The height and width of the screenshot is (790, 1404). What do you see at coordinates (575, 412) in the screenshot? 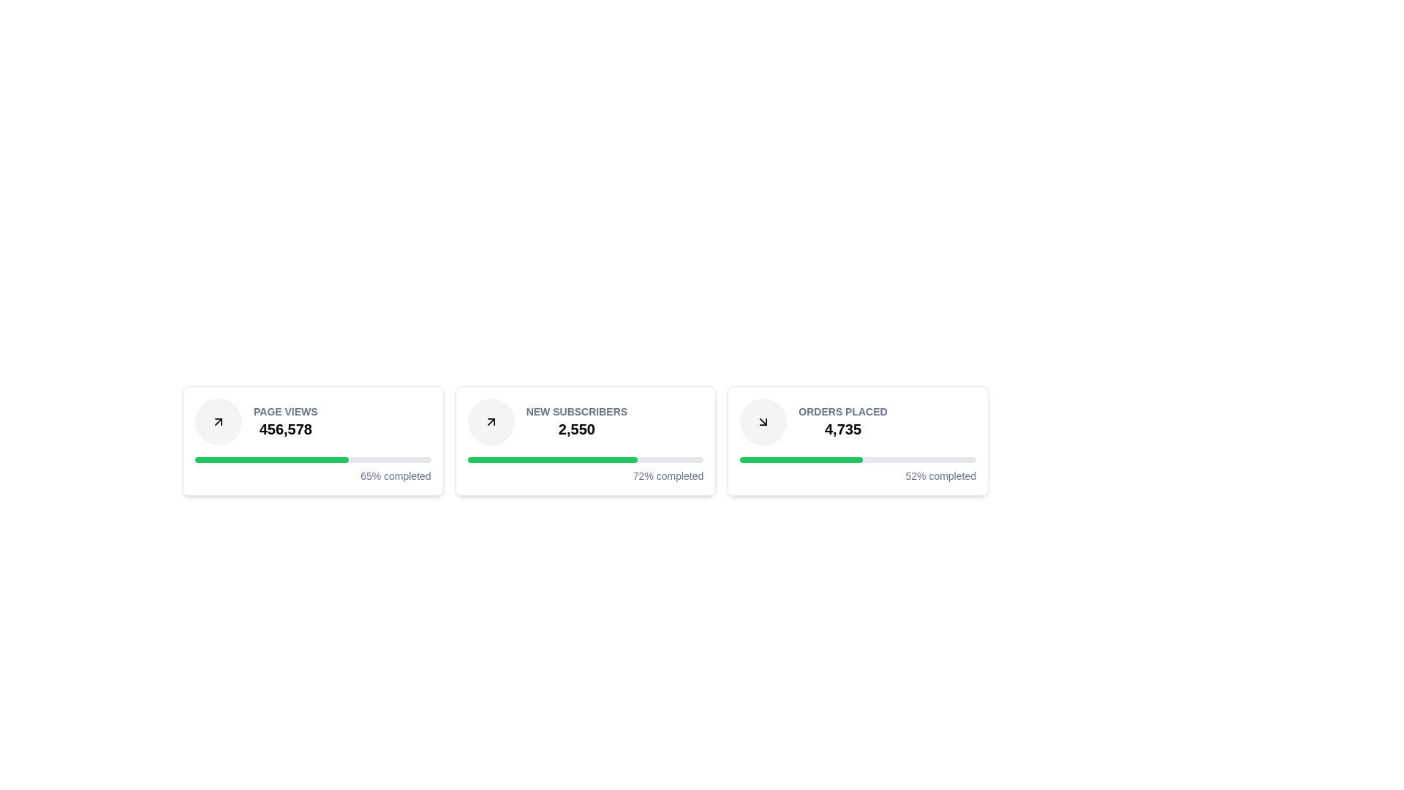
I see `the text label displaying 'New Subscribers' which is styled in small, bold uppercase letters and located at the top section of the central card, above the numeric value '2,550'` at bounding box center [575, 412].